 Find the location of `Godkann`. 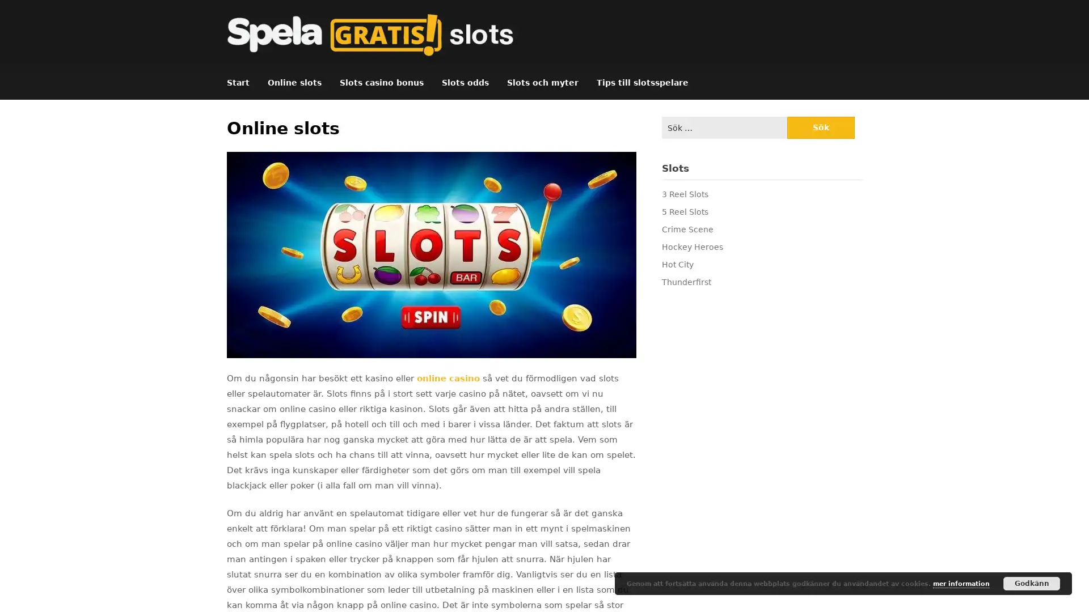

Godkann is located at coordinates (1032, 583).